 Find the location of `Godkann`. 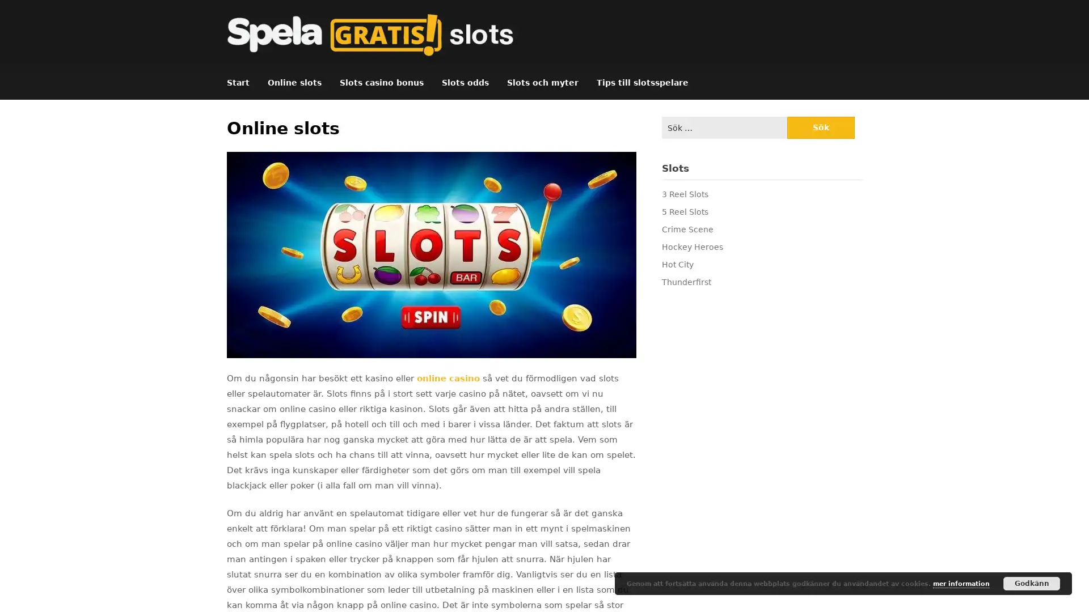

Godkann is located at coordinates (1032, 583).